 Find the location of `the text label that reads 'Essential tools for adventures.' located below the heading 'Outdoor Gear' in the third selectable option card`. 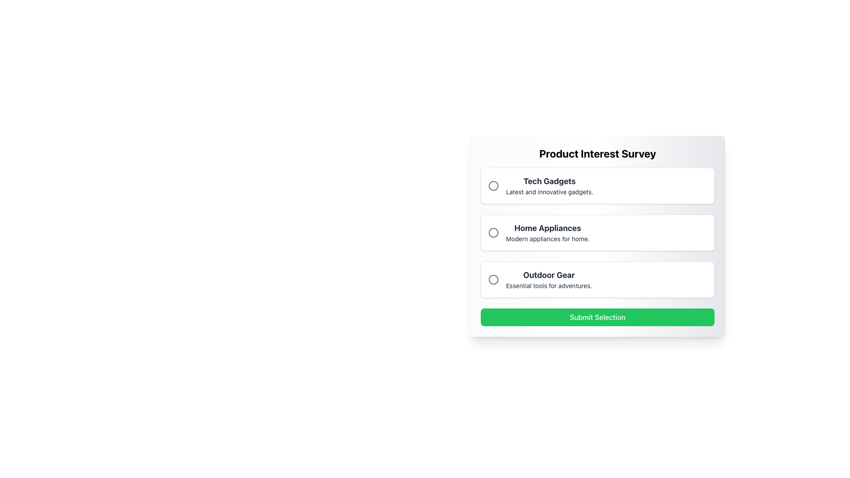

the text label that reads 'Essential tools for adventures.' located below the heading 'Outdoor Gear' in the third selectable option card is located at coordinates (549, 285).